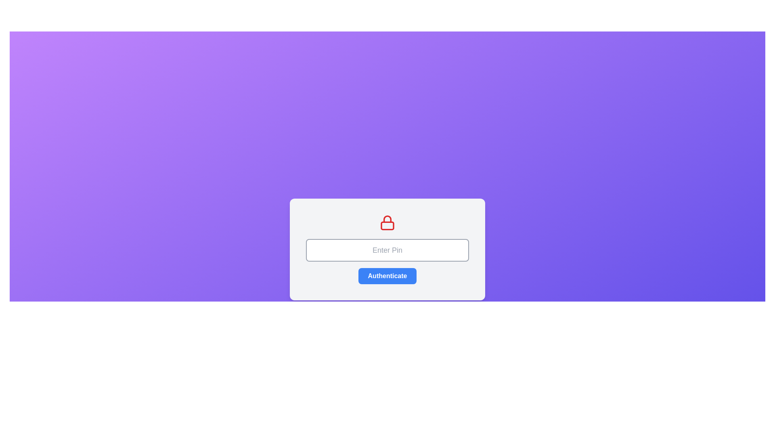 This screenshot has width=775, height=436. I want to click on the red outlined padlock icon, which is positioned prominently above the 'Enter Pin' input field and the 'Authenticate' button, so click(387, 222).